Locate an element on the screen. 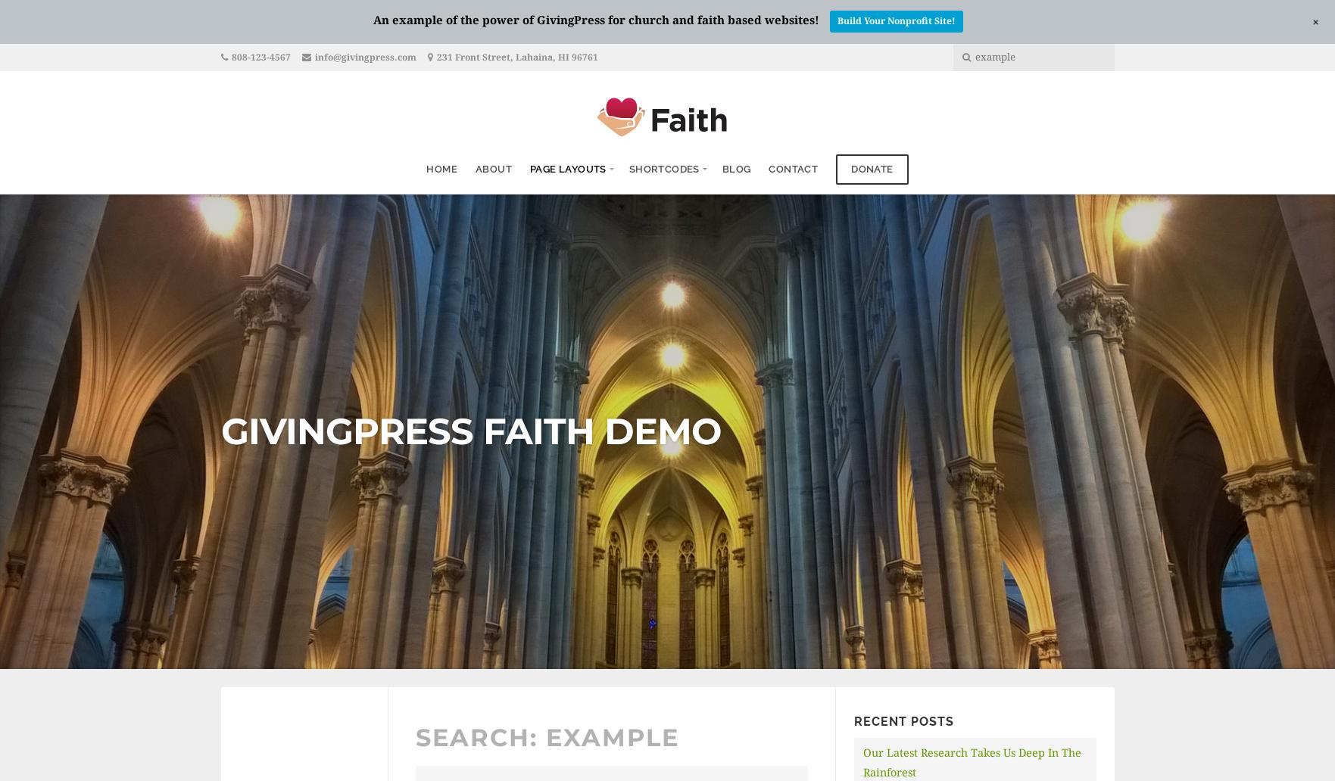 The height and width of the screenshot is (781, 1335). 'Recent Posts' is located at coordinates (903, 720).